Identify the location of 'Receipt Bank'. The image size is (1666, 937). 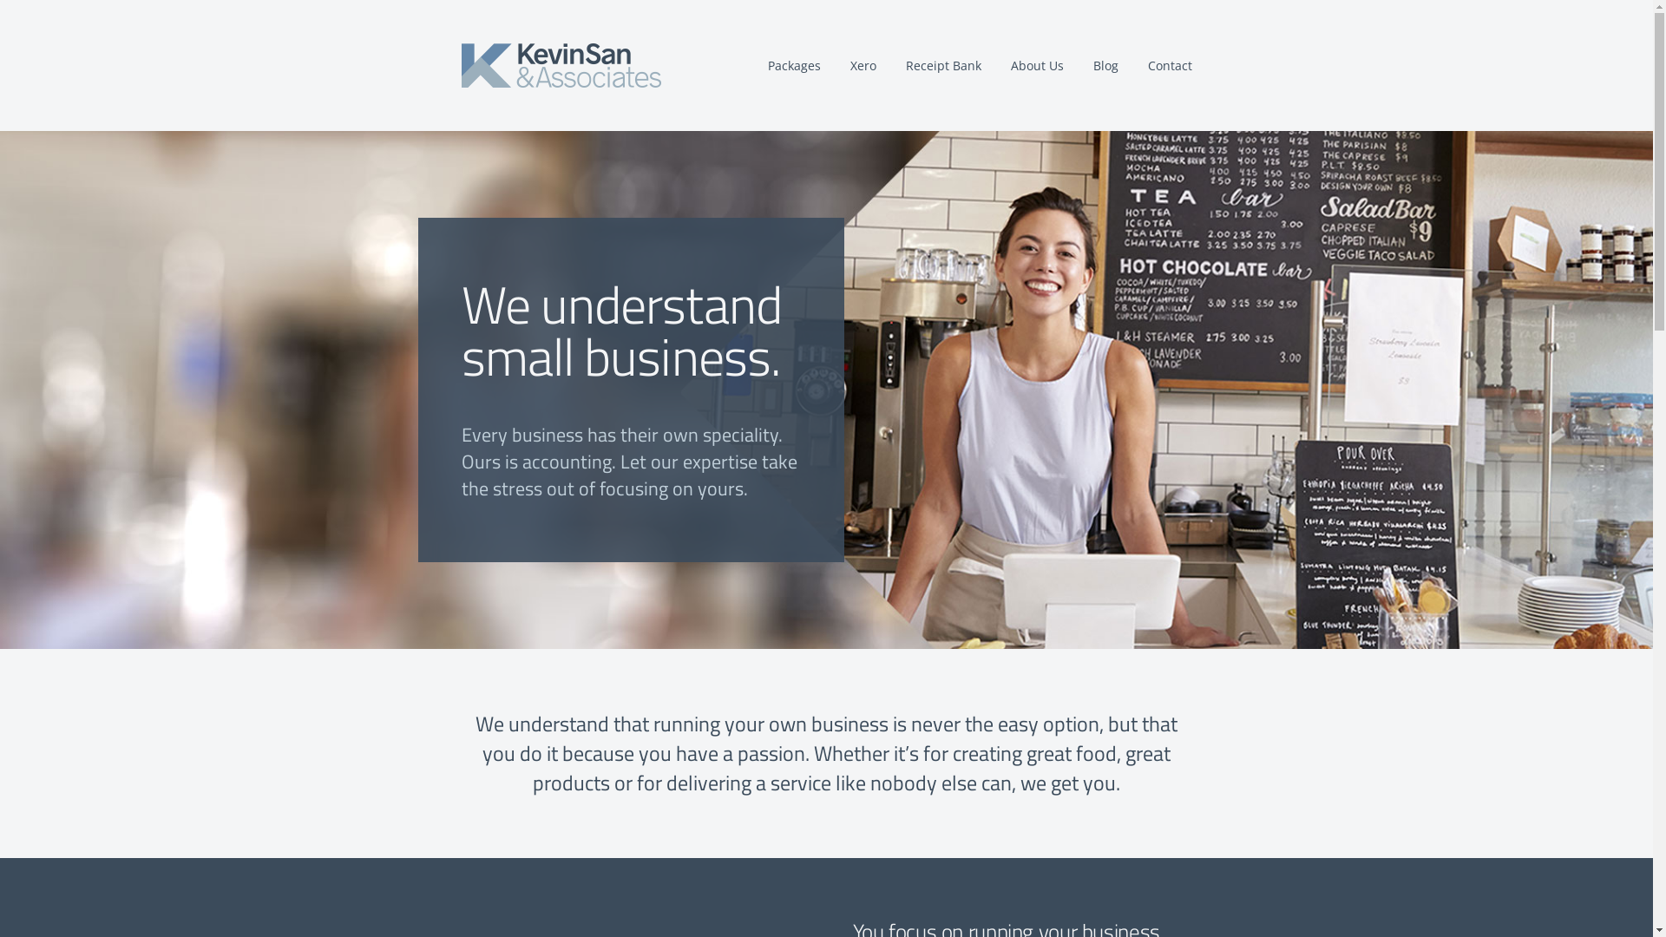
(942, 64).